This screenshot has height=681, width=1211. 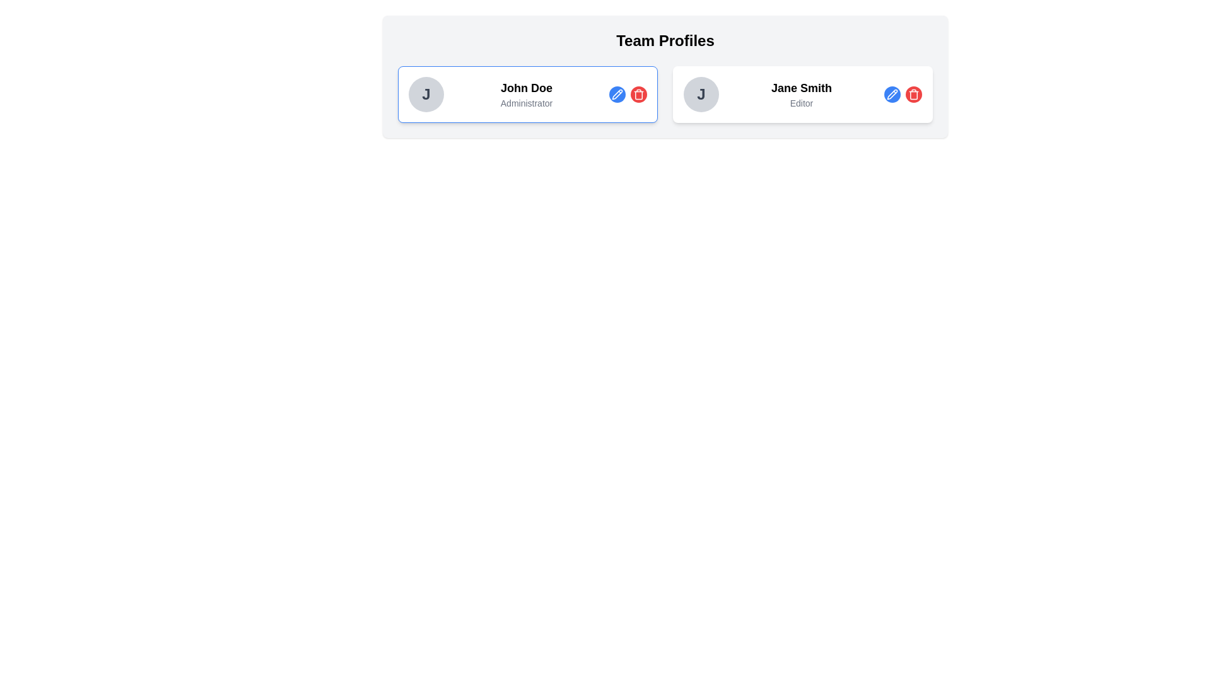 What do you see at coordinates (527, 94) in the screenshot?
I see `displayed content from the Text Display that labels and describes a user or profile entity, located centrally in the interface next to the circular avatar containing the letter 'J'` at bounding box center [527, 94].